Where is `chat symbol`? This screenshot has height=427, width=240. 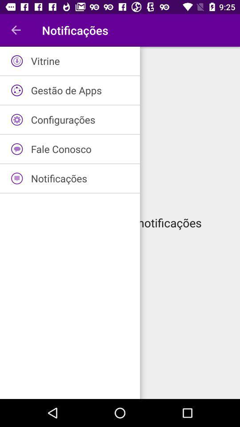 chat symbol is located at coordinates (17, 149).